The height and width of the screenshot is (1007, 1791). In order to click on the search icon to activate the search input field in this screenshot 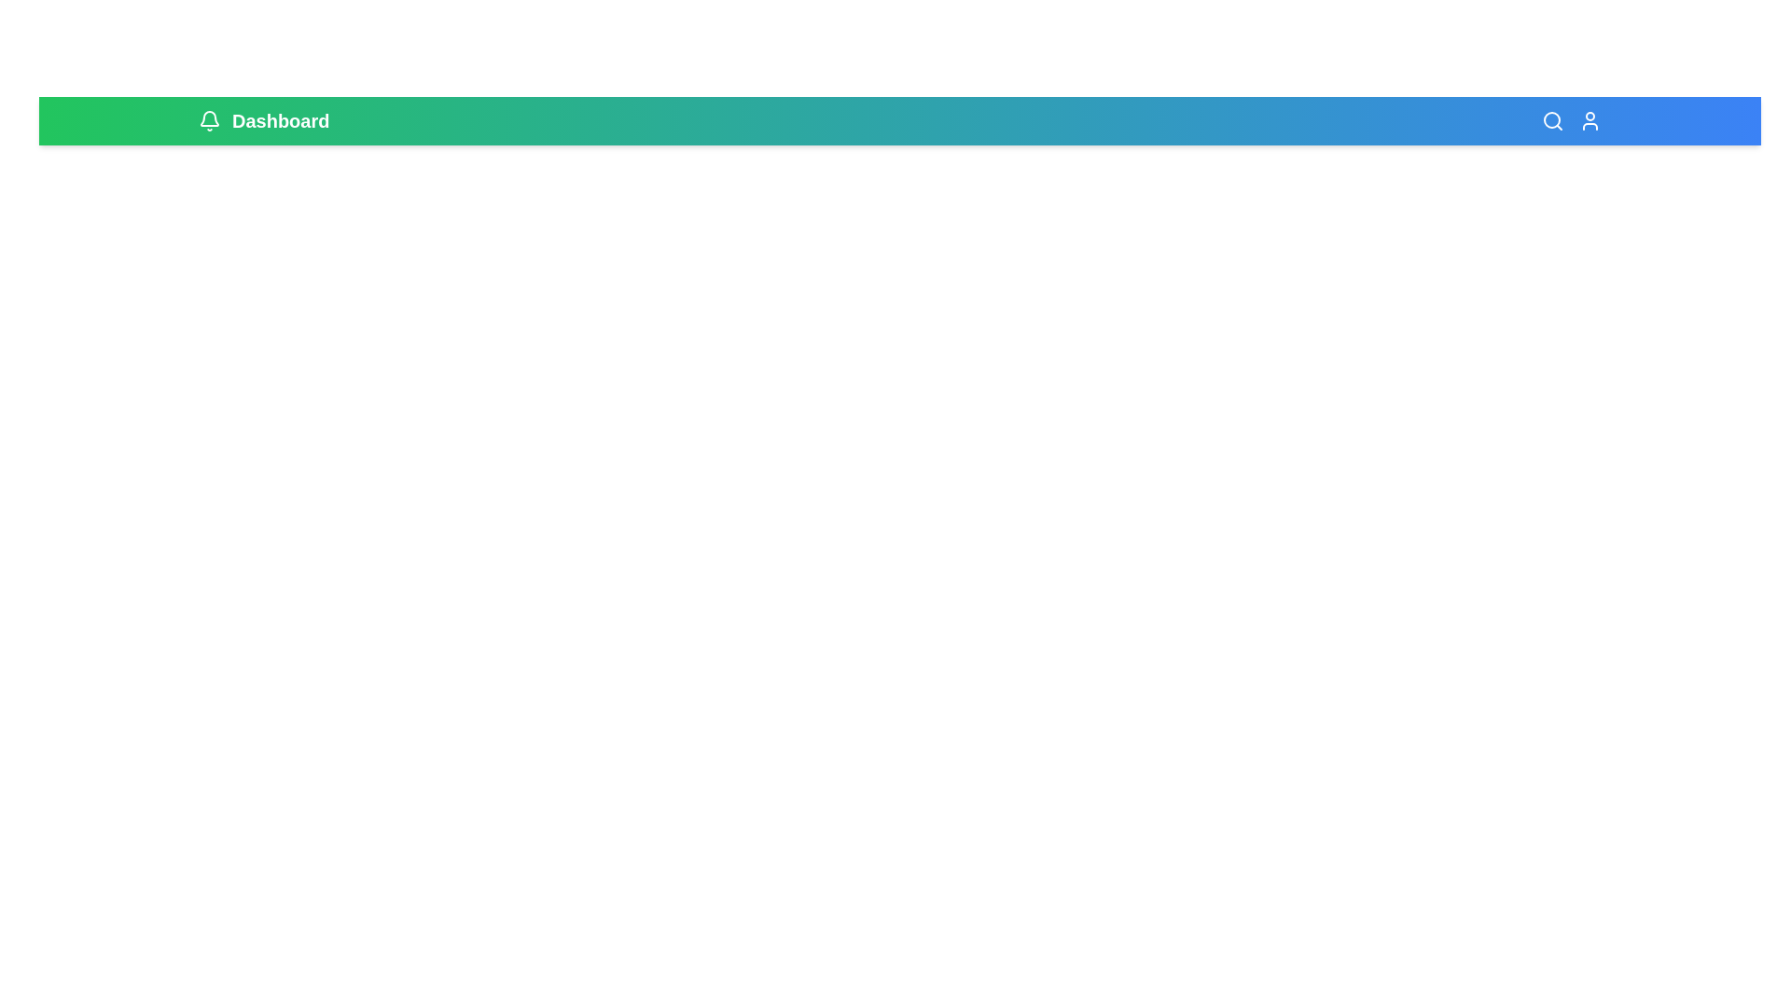, I will do `click(1553, 121)`.